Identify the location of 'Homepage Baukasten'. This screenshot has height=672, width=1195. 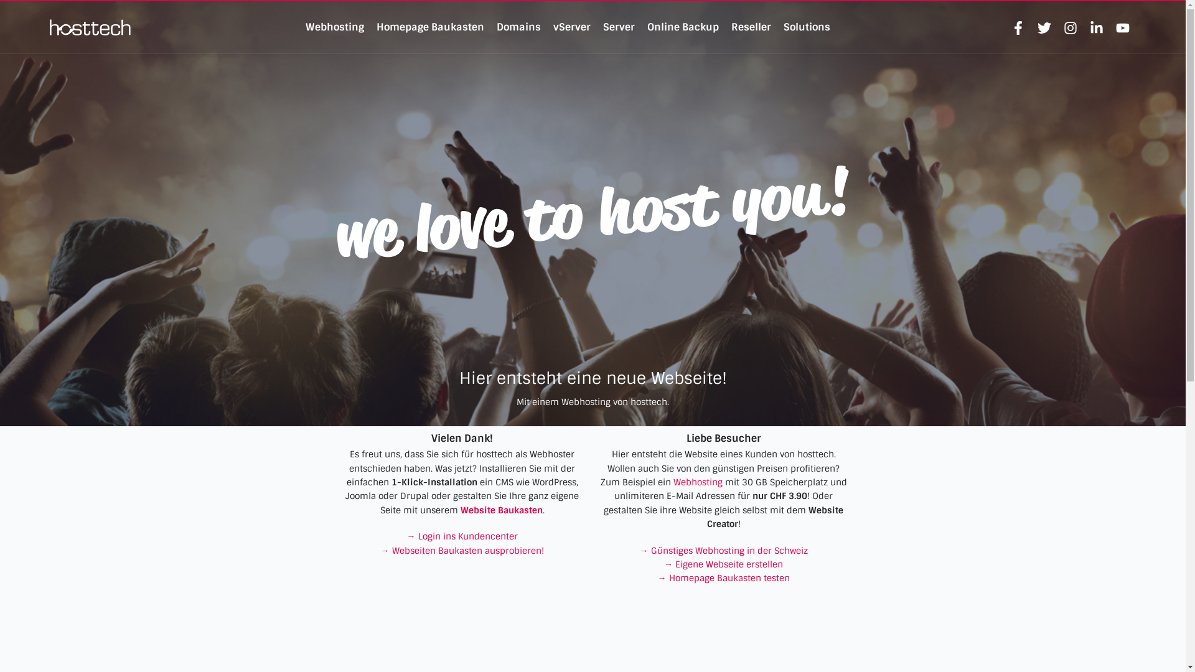
(375, 27).